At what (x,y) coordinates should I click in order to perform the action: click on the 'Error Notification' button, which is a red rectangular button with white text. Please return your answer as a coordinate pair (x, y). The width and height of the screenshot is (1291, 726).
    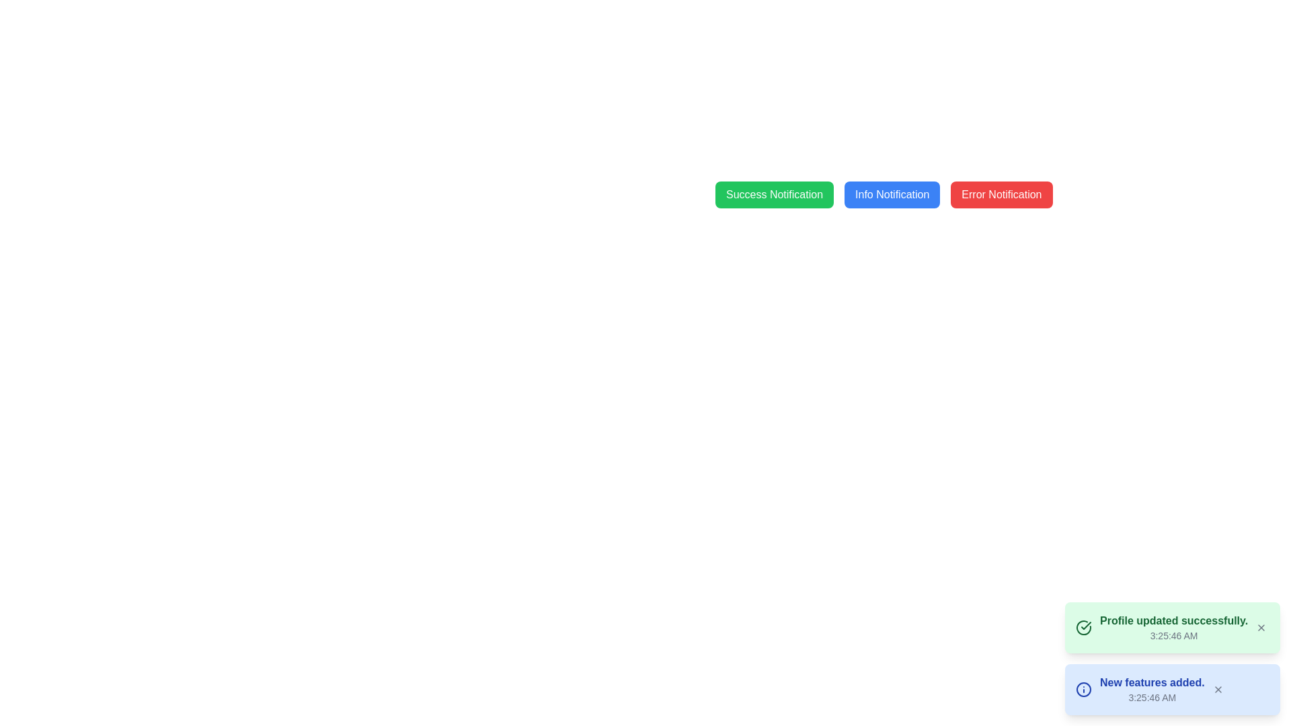
    Looking at the image, I should click on (1001, 194).